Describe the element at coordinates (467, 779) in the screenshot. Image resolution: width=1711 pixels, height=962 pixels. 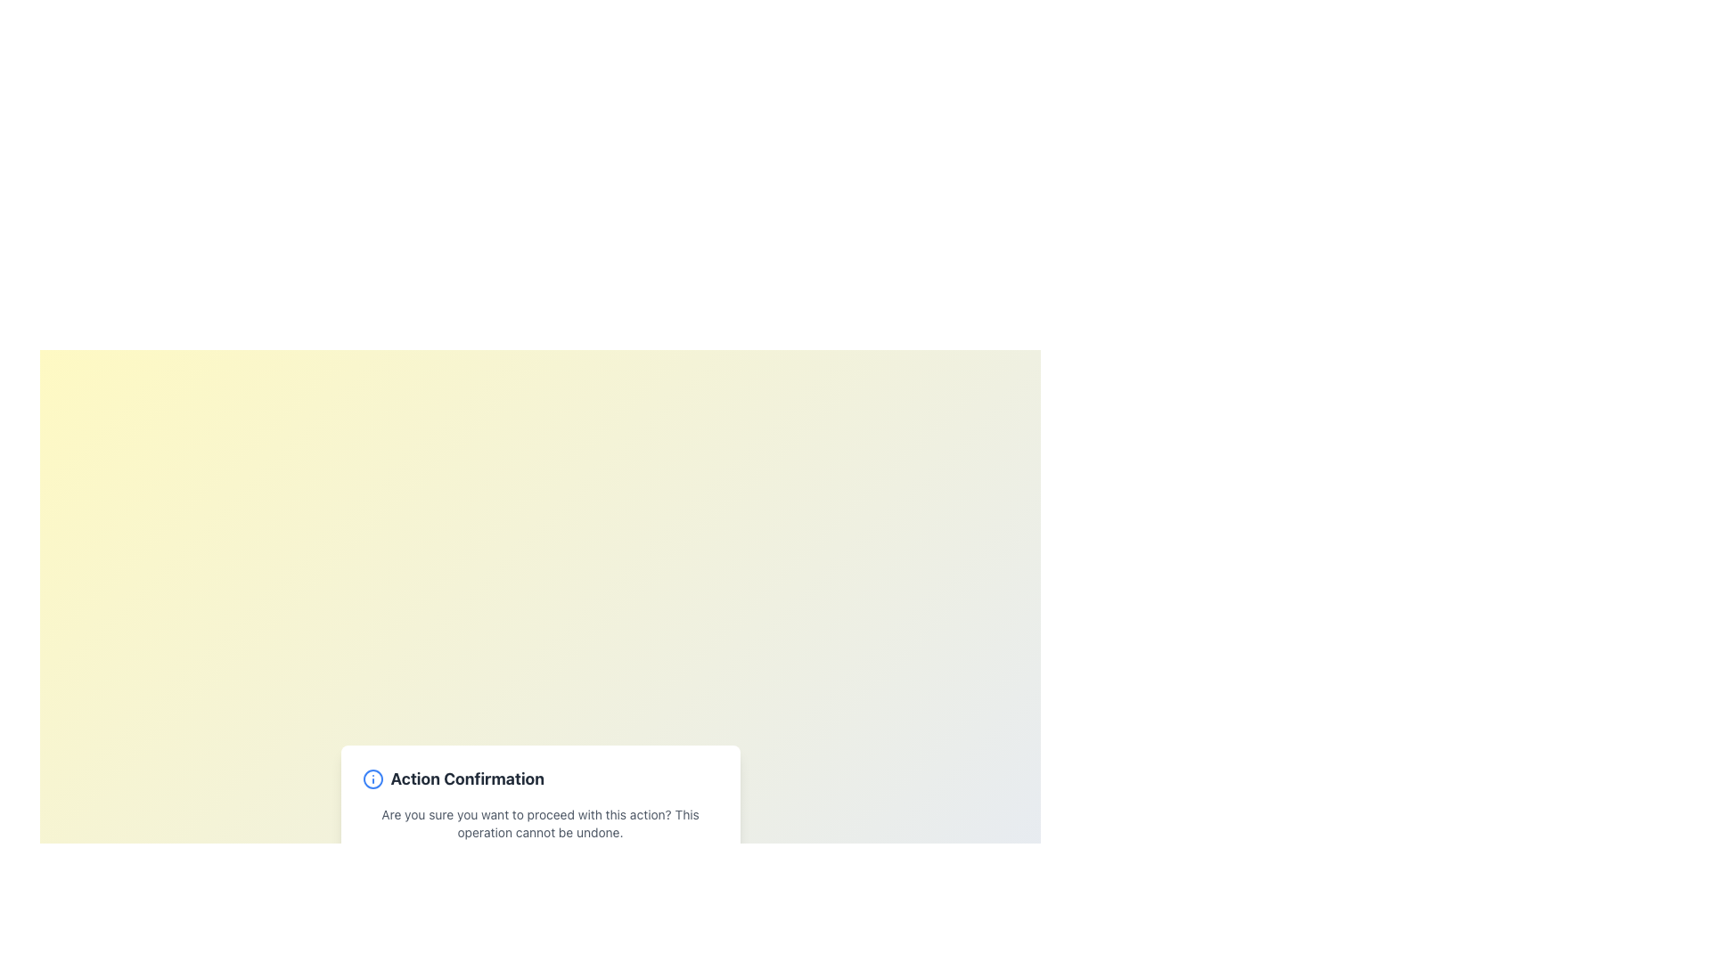
I see `header text of the confirmation dialog located at the center-bottom region of the interface, above a descriptive paragraph` at that location.